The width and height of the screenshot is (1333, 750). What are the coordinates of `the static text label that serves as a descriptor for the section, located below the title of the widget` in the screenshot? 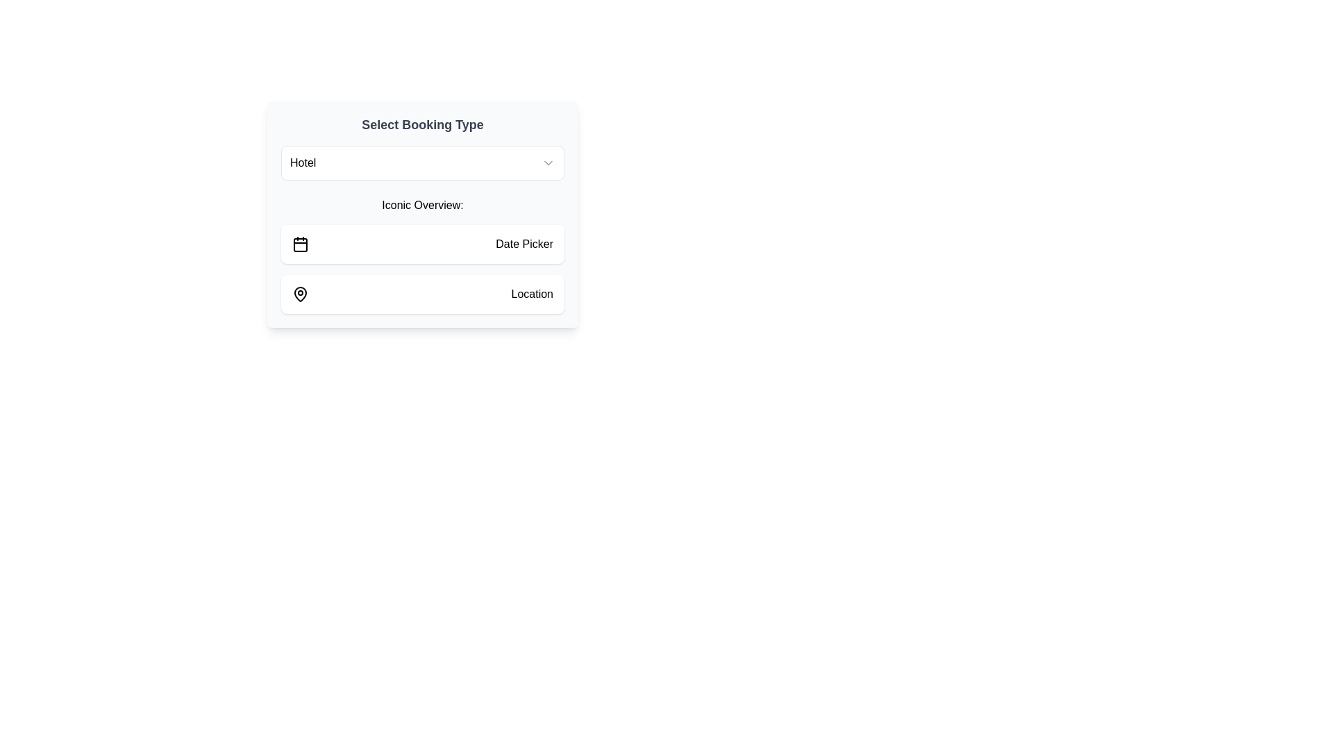 It's located at (422, 206).